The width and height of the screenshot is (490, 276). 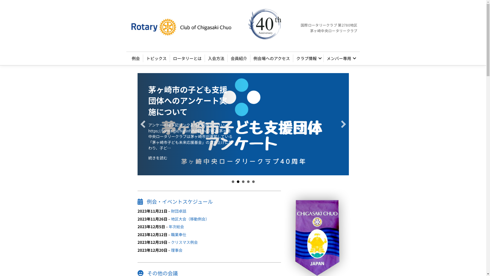 What do you see at coordinates (232, 181) in the screenshot?
I see `'1'` at bounding box center [232, 181].